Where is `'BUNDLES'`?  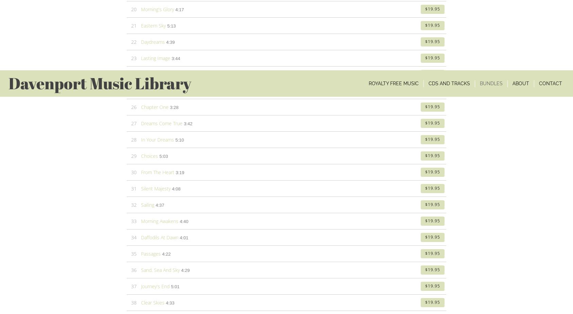
'BUNDLES' is located at coordinates (246, 211).